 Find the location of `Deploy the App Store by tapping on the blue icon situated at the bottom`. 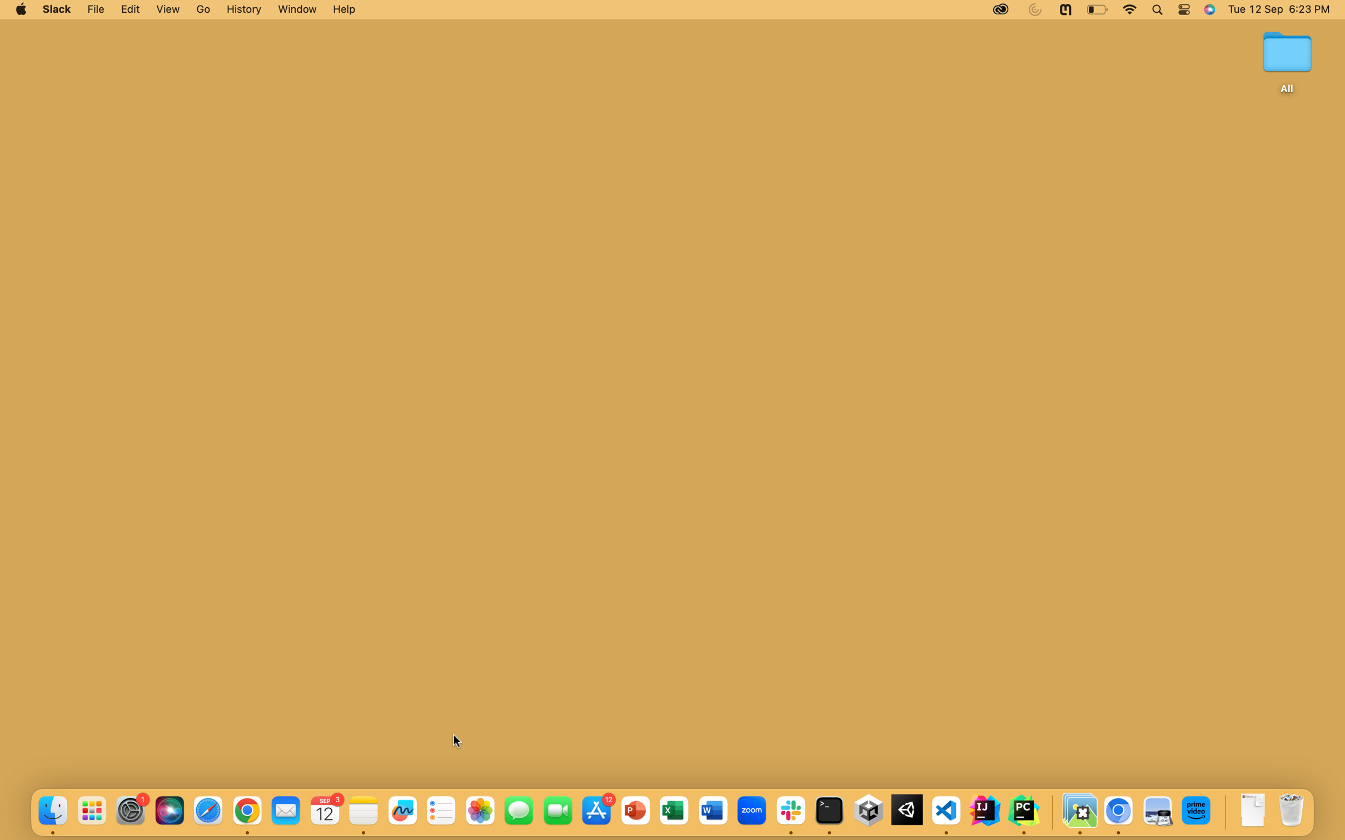

Deploy the App Store by tapping on the blue icon situated at the bottom is located at coordinates (596, 811).